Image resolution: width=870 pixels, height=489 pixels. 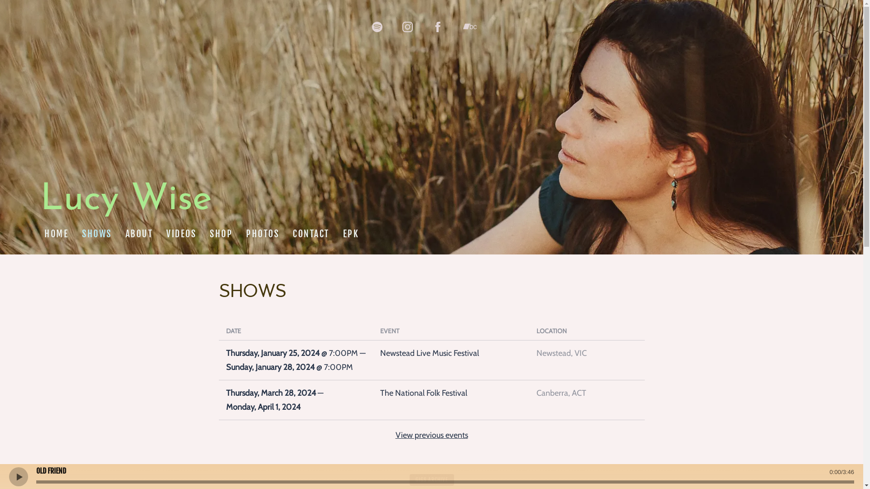 What do you see at coordinates (431, 479) in the screenshot?
I see `'GIGS ARCHIVE'` at bounding box center [431, 479].